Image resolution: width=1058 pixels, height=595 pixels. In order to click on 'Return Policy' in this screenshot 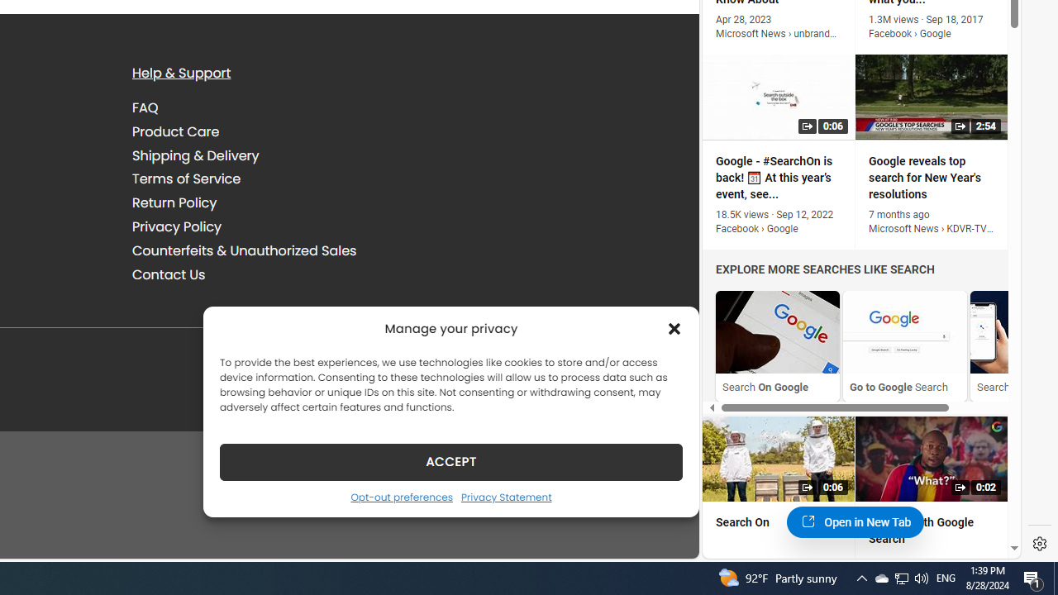, I will do `click(174, 202)`.